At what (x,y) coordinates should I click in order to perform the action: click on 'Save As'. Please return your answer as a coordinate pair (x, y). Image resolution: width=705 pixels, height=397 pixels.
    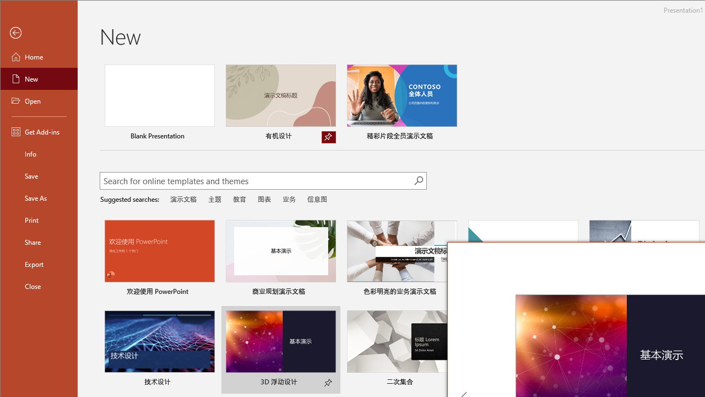
    Looking at the image, I should click on (39, 197).